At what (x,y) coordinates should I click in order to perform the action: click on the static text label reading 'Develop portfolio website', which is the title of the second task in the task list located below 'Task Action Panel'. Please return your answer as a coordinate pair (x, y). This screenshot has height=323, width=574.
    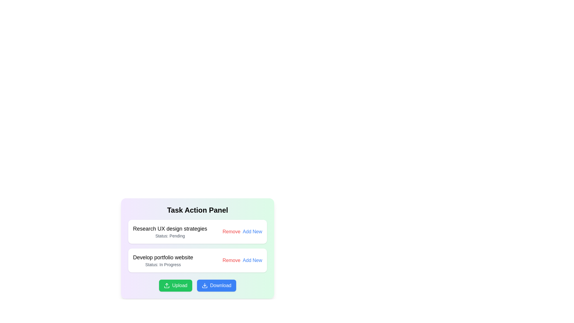
    Looking at the image, I should click on (163, 257).